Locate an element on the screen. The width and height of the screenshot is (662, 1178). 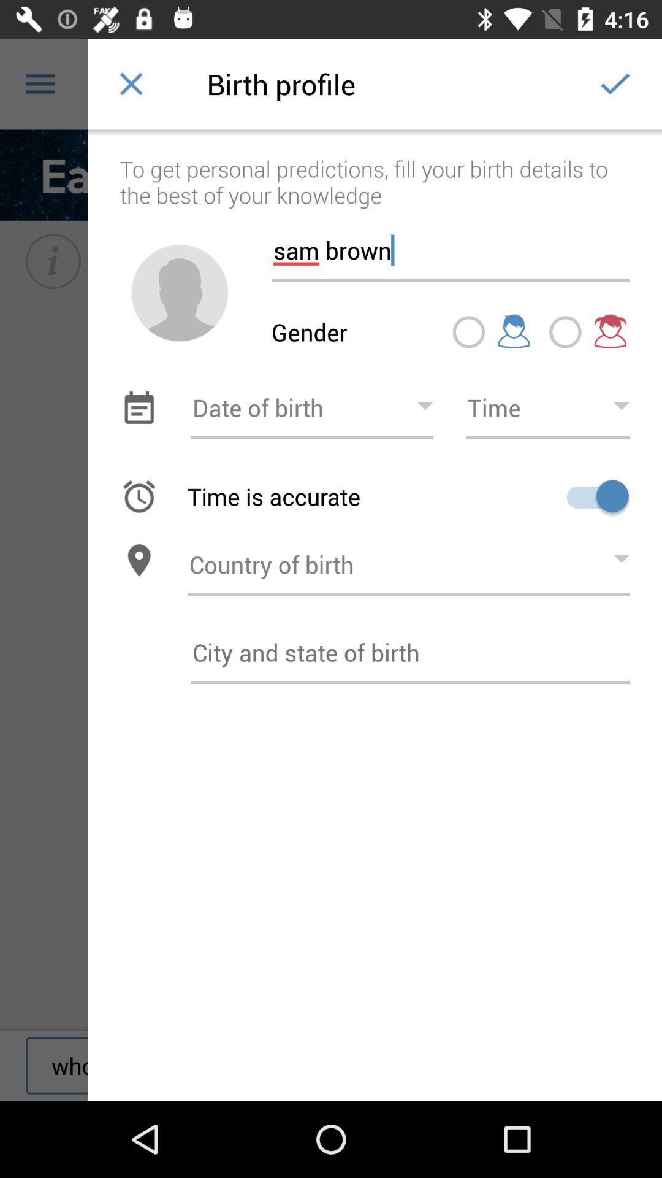
the icon below to get personal item is located at coordinates (451, 245).